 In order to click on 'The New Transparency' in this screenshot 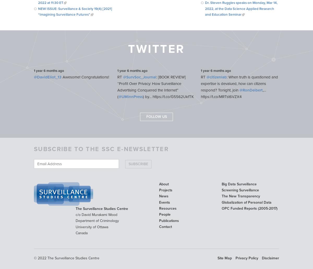, I will do `click(241, 196)`.